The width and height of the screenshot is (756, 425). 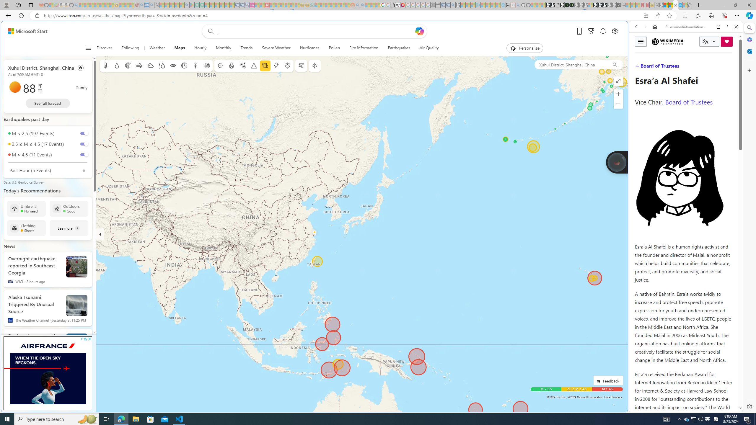 I want to click on 'Feedback', so click(x=608, y=380).